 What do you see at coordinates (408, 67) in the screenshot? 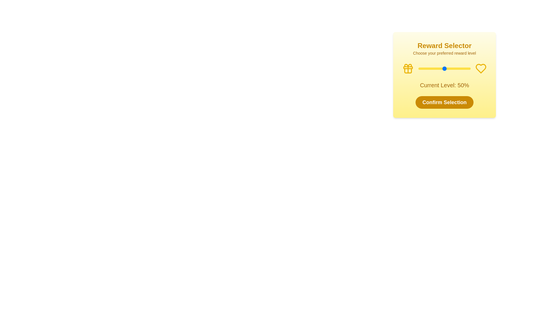
I see `the decorative graphical element (SVG rectangle) that represents the ribbon on the gift icon located on the left side of the card header in the 'Reward Selector' interface` at bounding box center [408, 67].